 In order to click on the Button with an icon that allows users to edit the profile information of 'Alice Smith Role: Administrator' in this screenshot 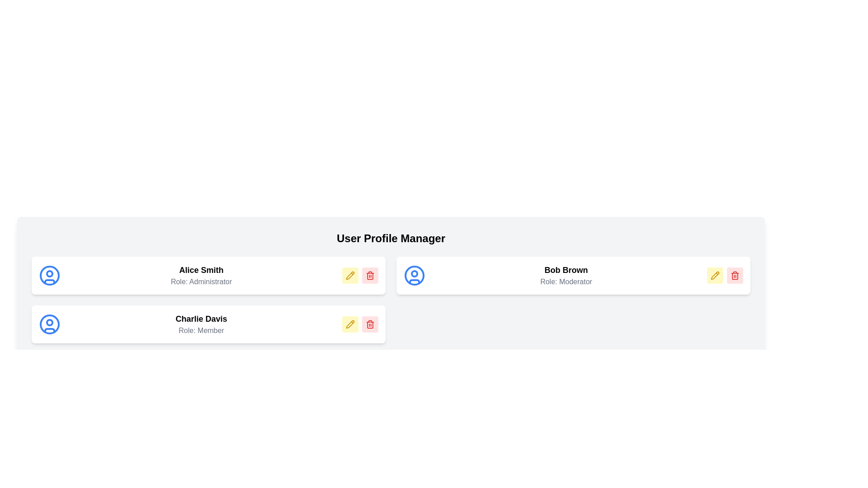, I will do `click(349, 275)`.